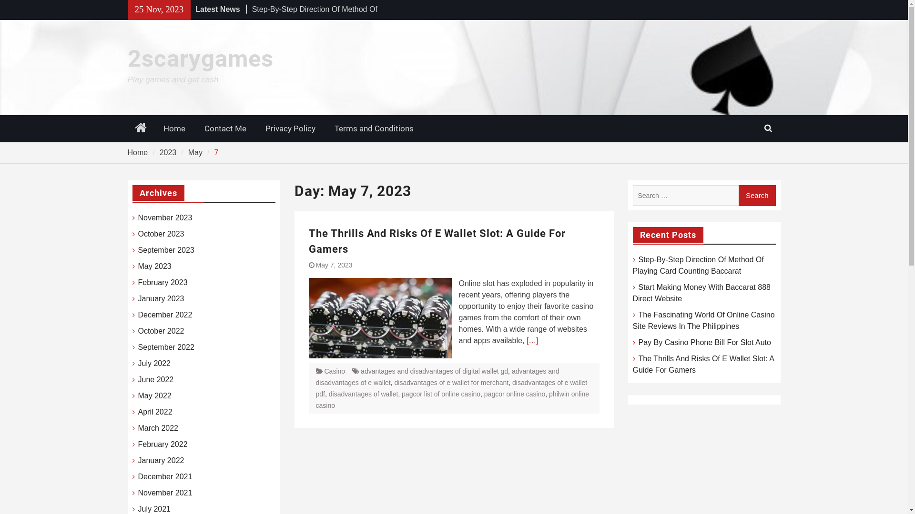 The height and width of the screenshot is (514, 915). What do you see at coordinates (363, 394) in the screenshot?
I see `'disadvantages of wallet'` at bounding box center [363, 394].